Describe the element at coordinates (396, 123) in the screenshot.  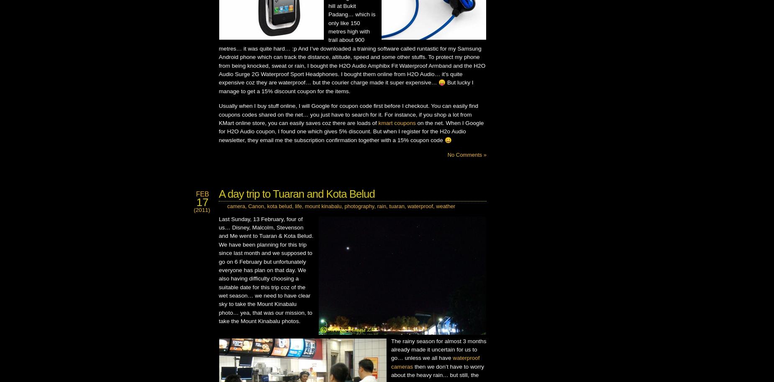
I see `'kmart coupons'` at that location.